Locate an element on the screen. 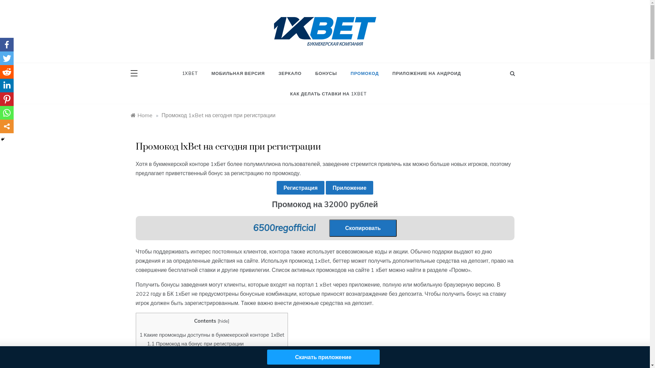  'Whatsapp' is located at coordinates (6, 112).